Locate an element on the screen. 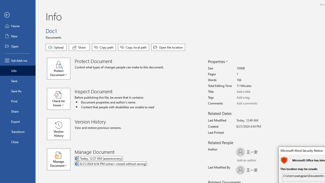  'Manage Document' is located at coordinates (61, 159).